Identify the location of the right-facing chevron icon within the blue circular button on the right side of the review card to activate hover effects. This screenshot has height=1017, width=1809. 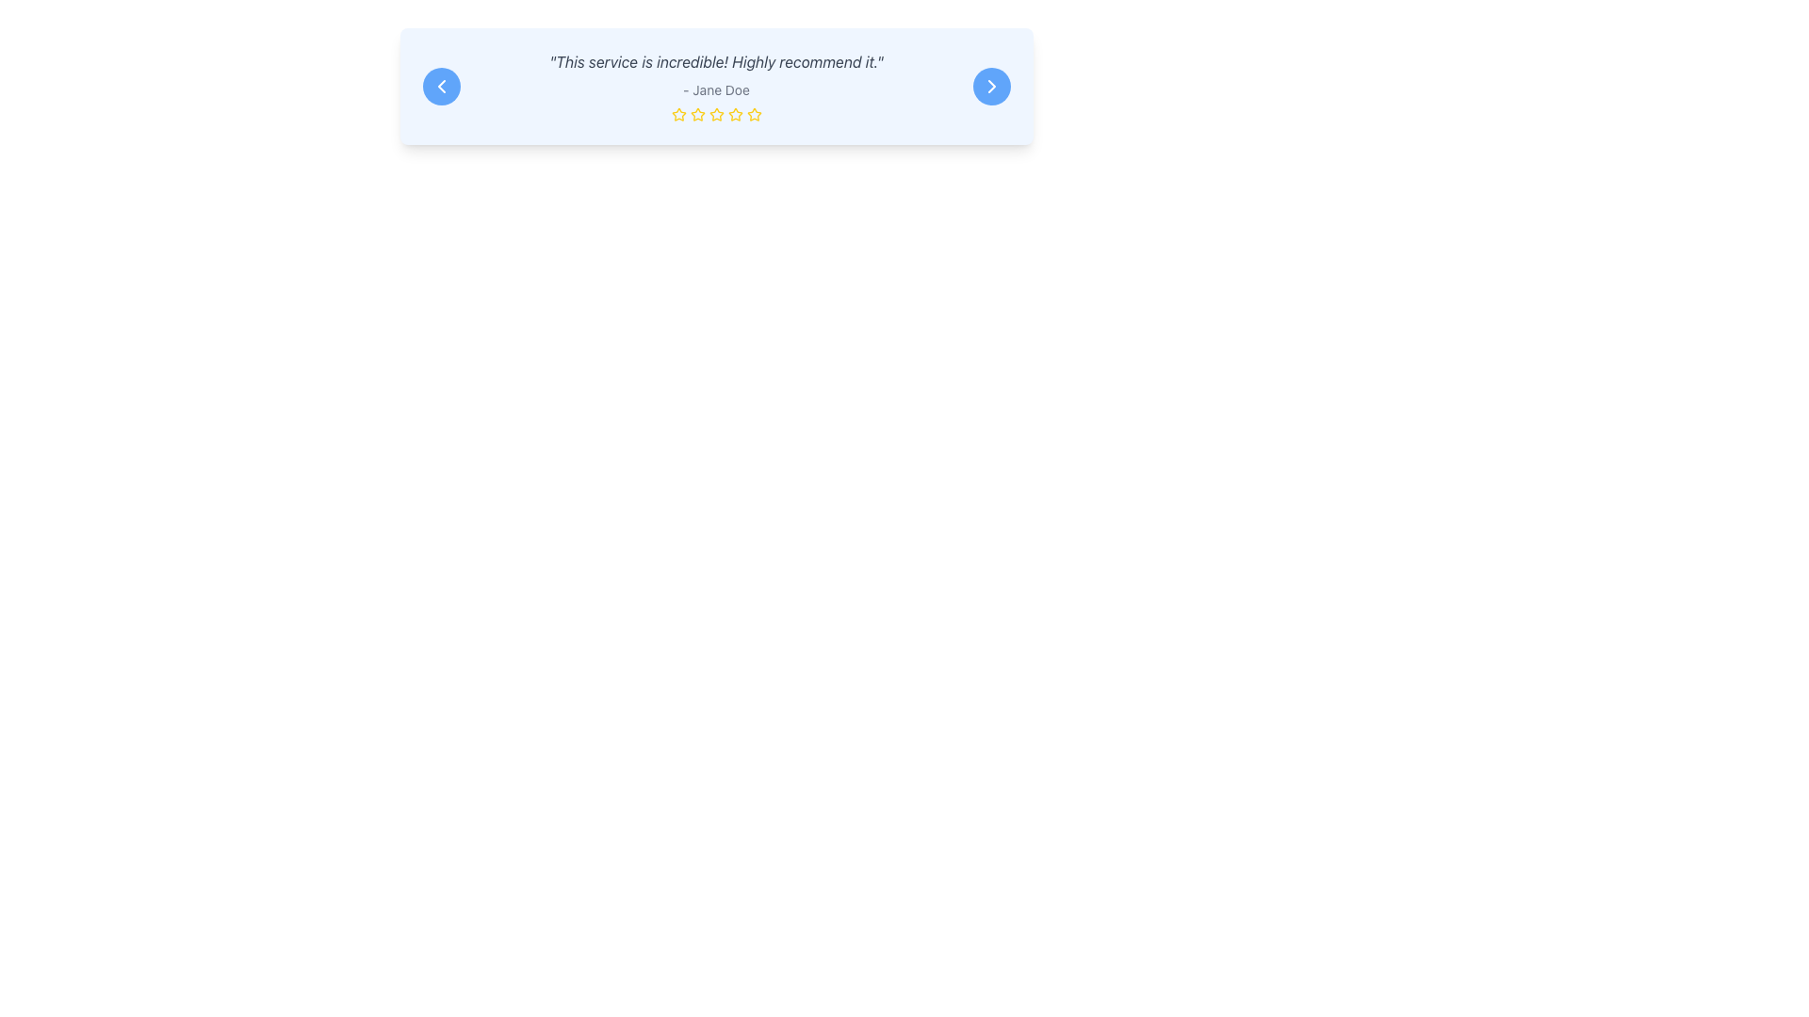
(990, 87).